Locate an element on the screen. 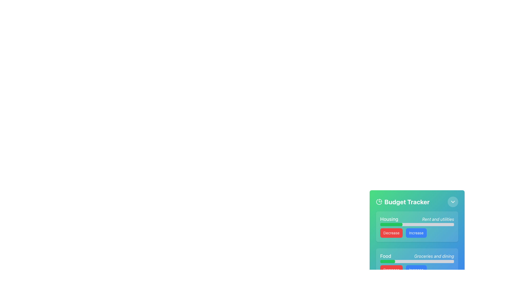 The image size is (508, 285). the circular pie chart icon with a green background located to the left of the 'Budget Tracker' text is located at coordinates (379, 202).